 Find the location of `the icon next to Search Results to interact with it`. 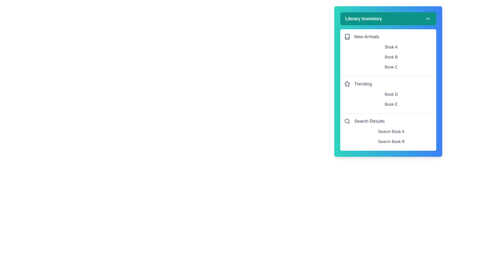

the icon next to Search Results to interact with it is located at coordinates (347, 121).